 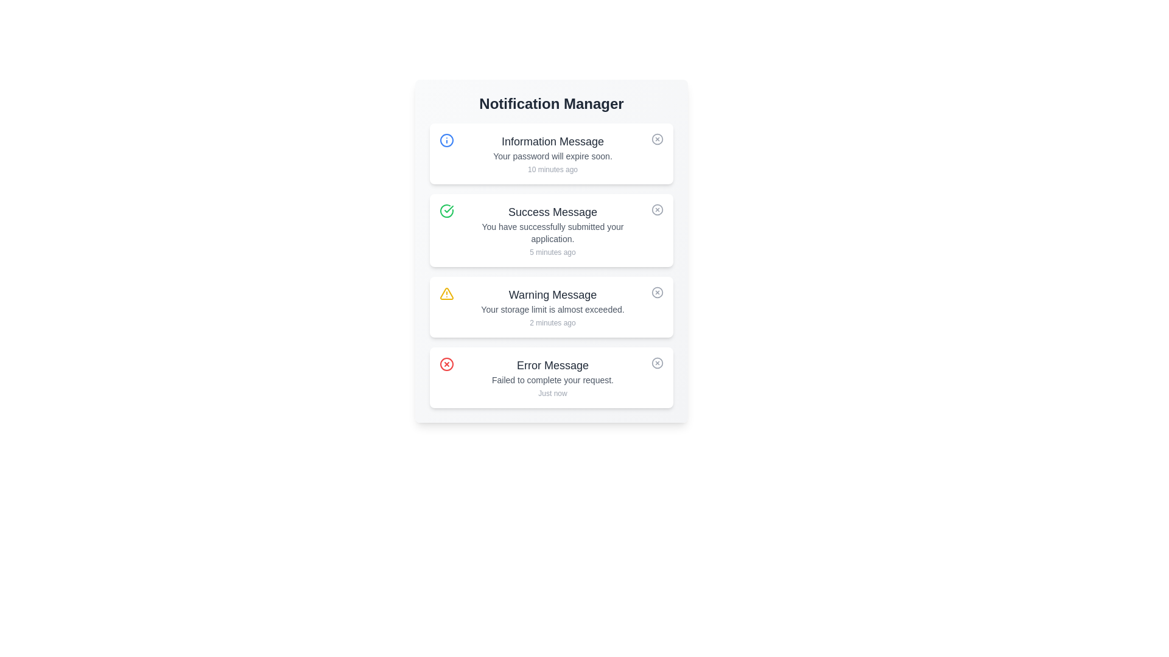 What do you see at coordinates (552, 156) in the screenshot?
I see `message from the text label notifying the user about their password nearing expiration, located below the title 'Information Message' and above the timestamp '10 minutes ago'` at bounding box center [552, 156].